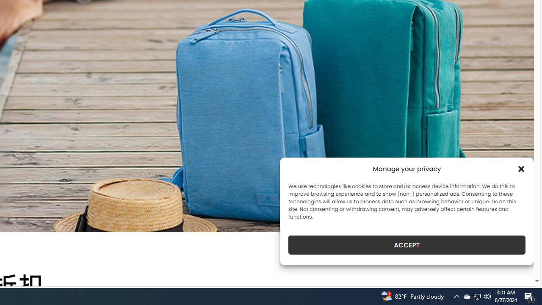  What do you see at coordinates (407, 245) in the screenshot?
I see `'ACCEPT'` at bounding box center [407, 245].